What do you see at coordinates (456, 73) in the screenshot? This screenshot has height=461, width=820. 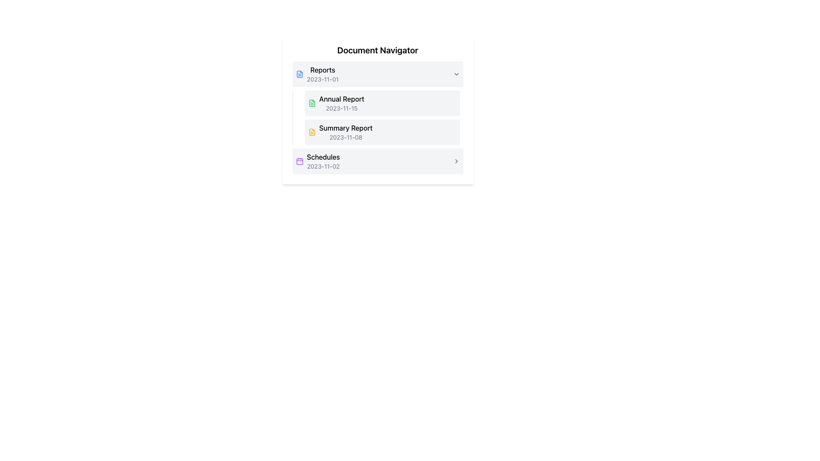 I see `the chevron icon located to the right of the 'Reports2023-11-01' text` at bounding box center [456, 73].